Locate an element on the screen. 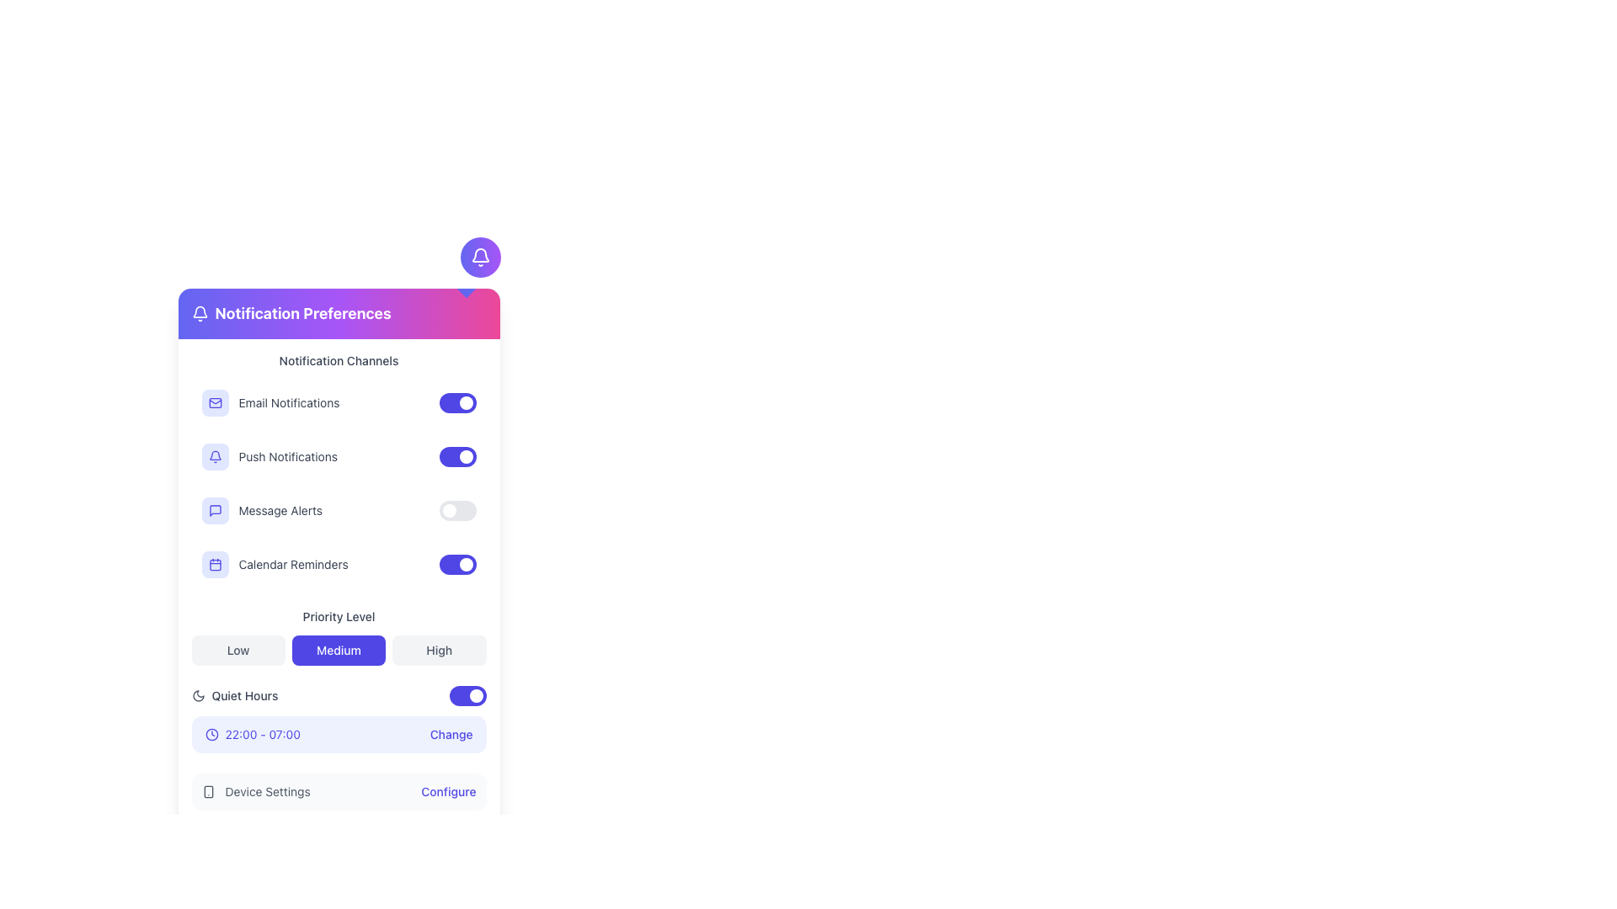  the toggle switch of the first List item labeled 'Email Notifications' under the 'Notification Channels' section to change its state is located at coordinates (338, 402).